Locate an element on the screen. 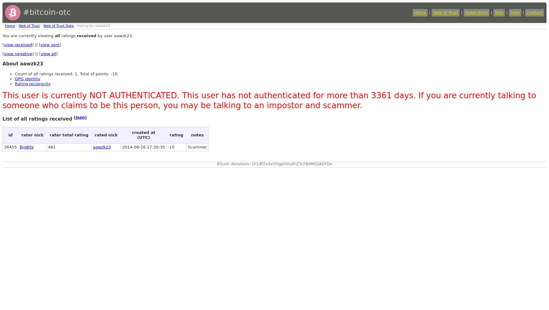 The image size is (549, 310). 'You are currently viewing' is located at coordinates (28, 35).